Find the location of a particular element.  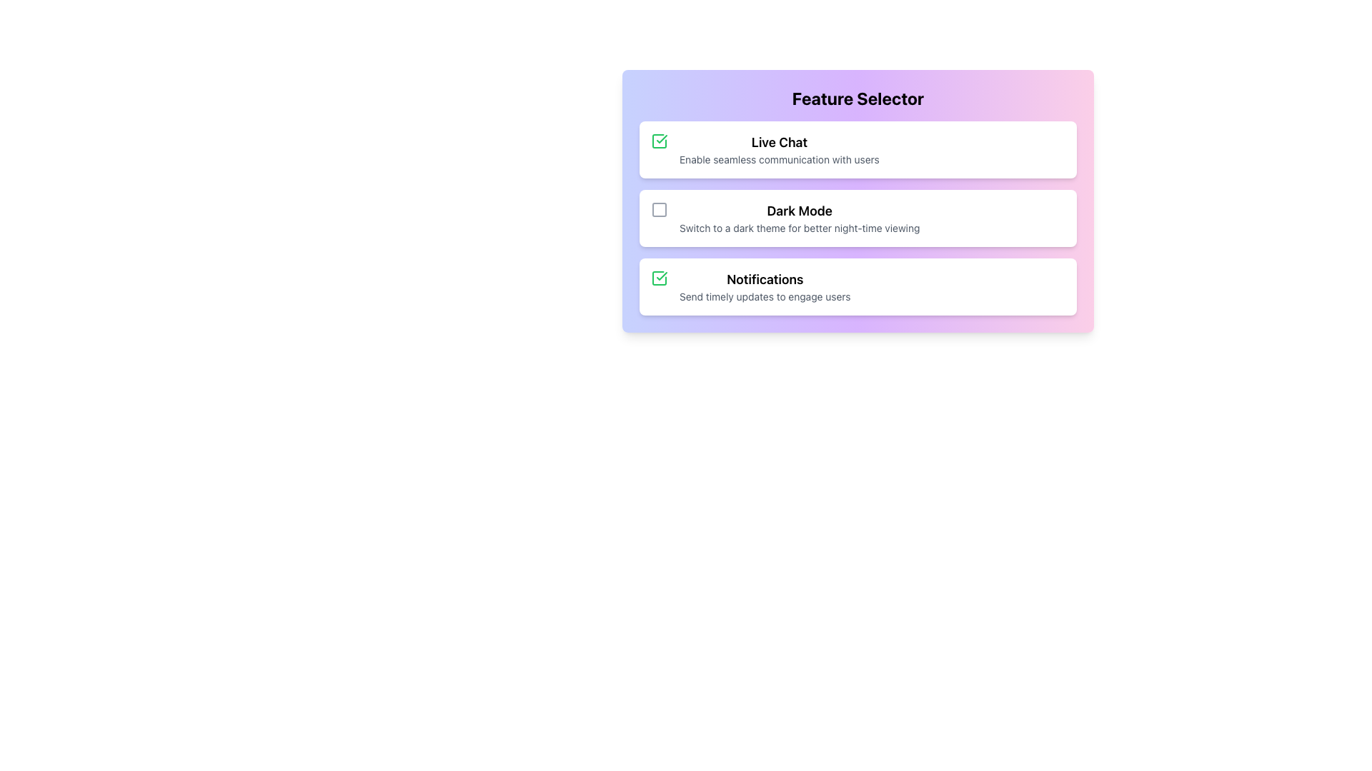

the text label that reads 'Enable seamless communication with users', which is located underneath the 'Live Chat' title in the Feature Selector section is located at coordinates (778, 159).